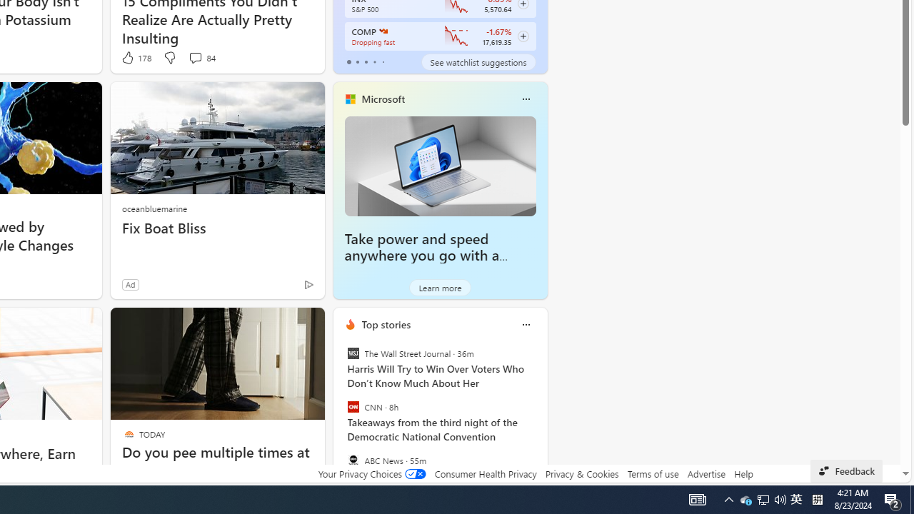  I want to click on 'tab-3', so click(374, 61).